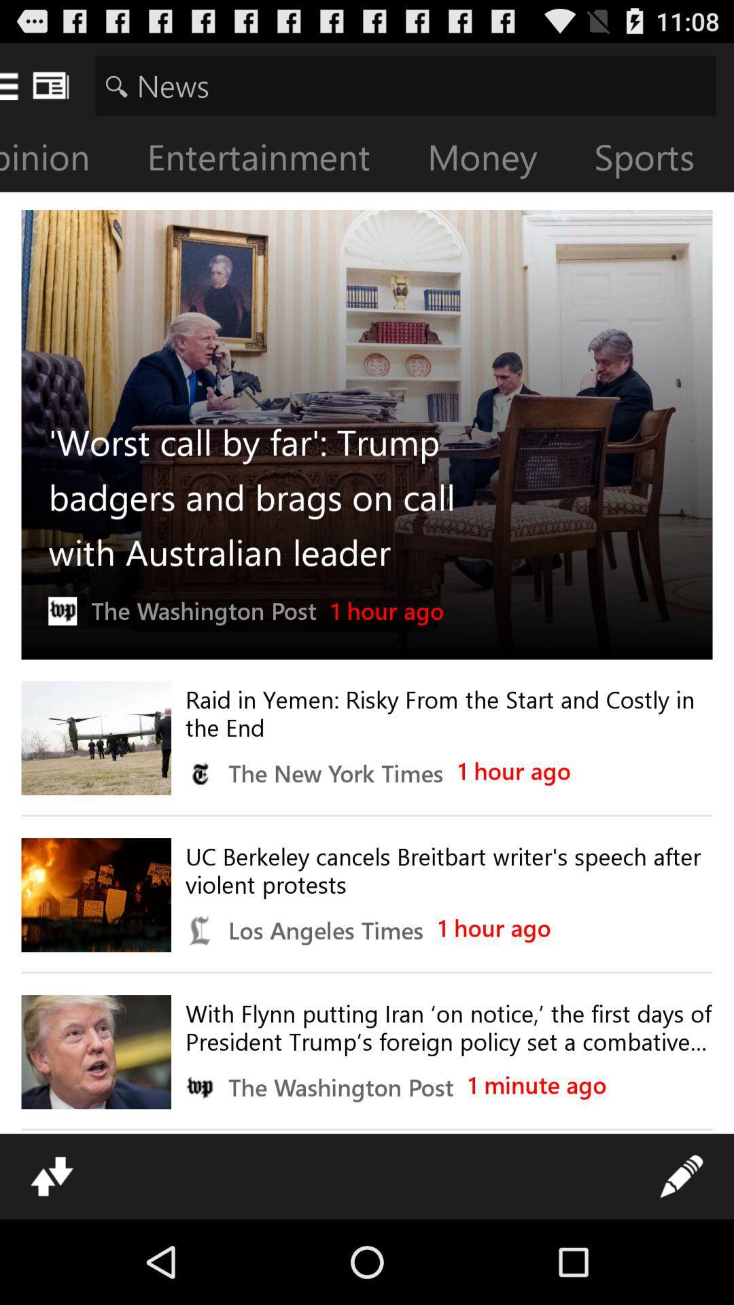  Describe the element at coordinates (405, 84) in the screenshot. I see `search for news` at that location.